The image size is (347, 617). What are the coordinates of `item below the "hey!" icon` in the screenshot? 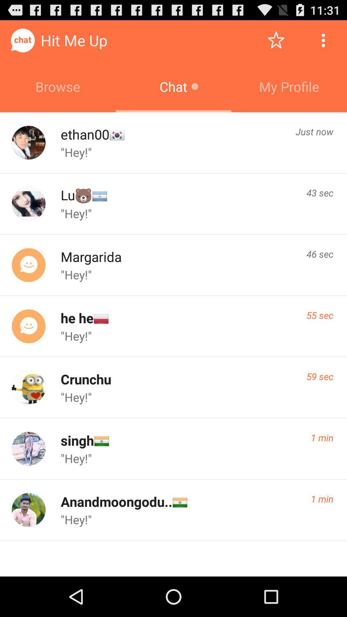 It's located at (85, 379).